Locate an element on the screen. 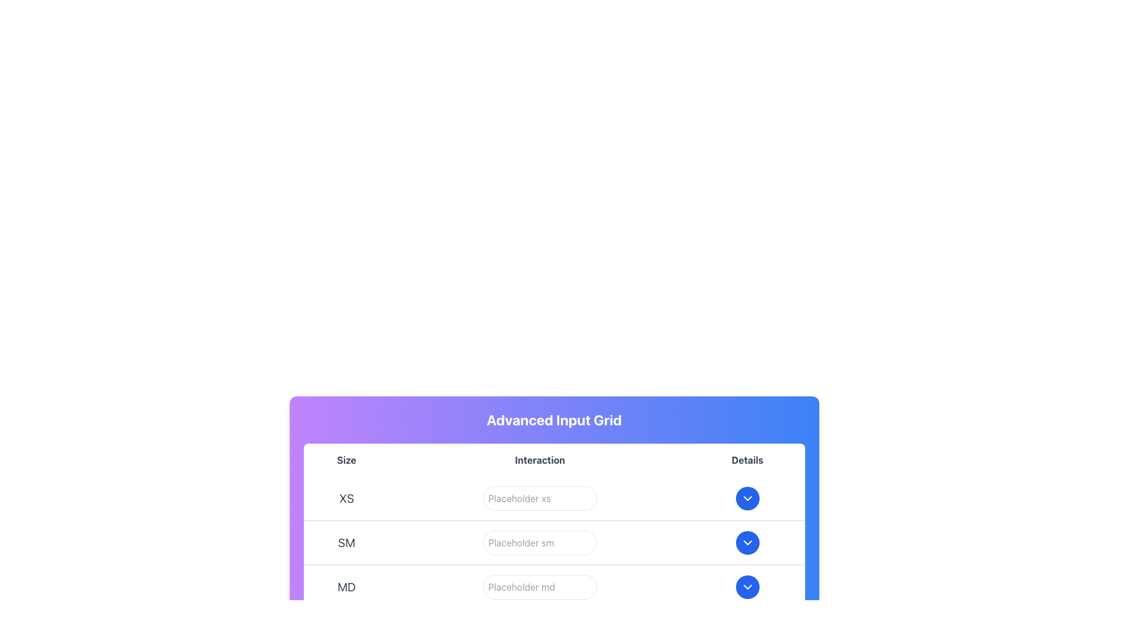  the downward-facing chevron arrow icon, which is white and positioned within a circular blue background, located in the 'Details' column of the first row in the table layout is located at coordinates (747, 499).